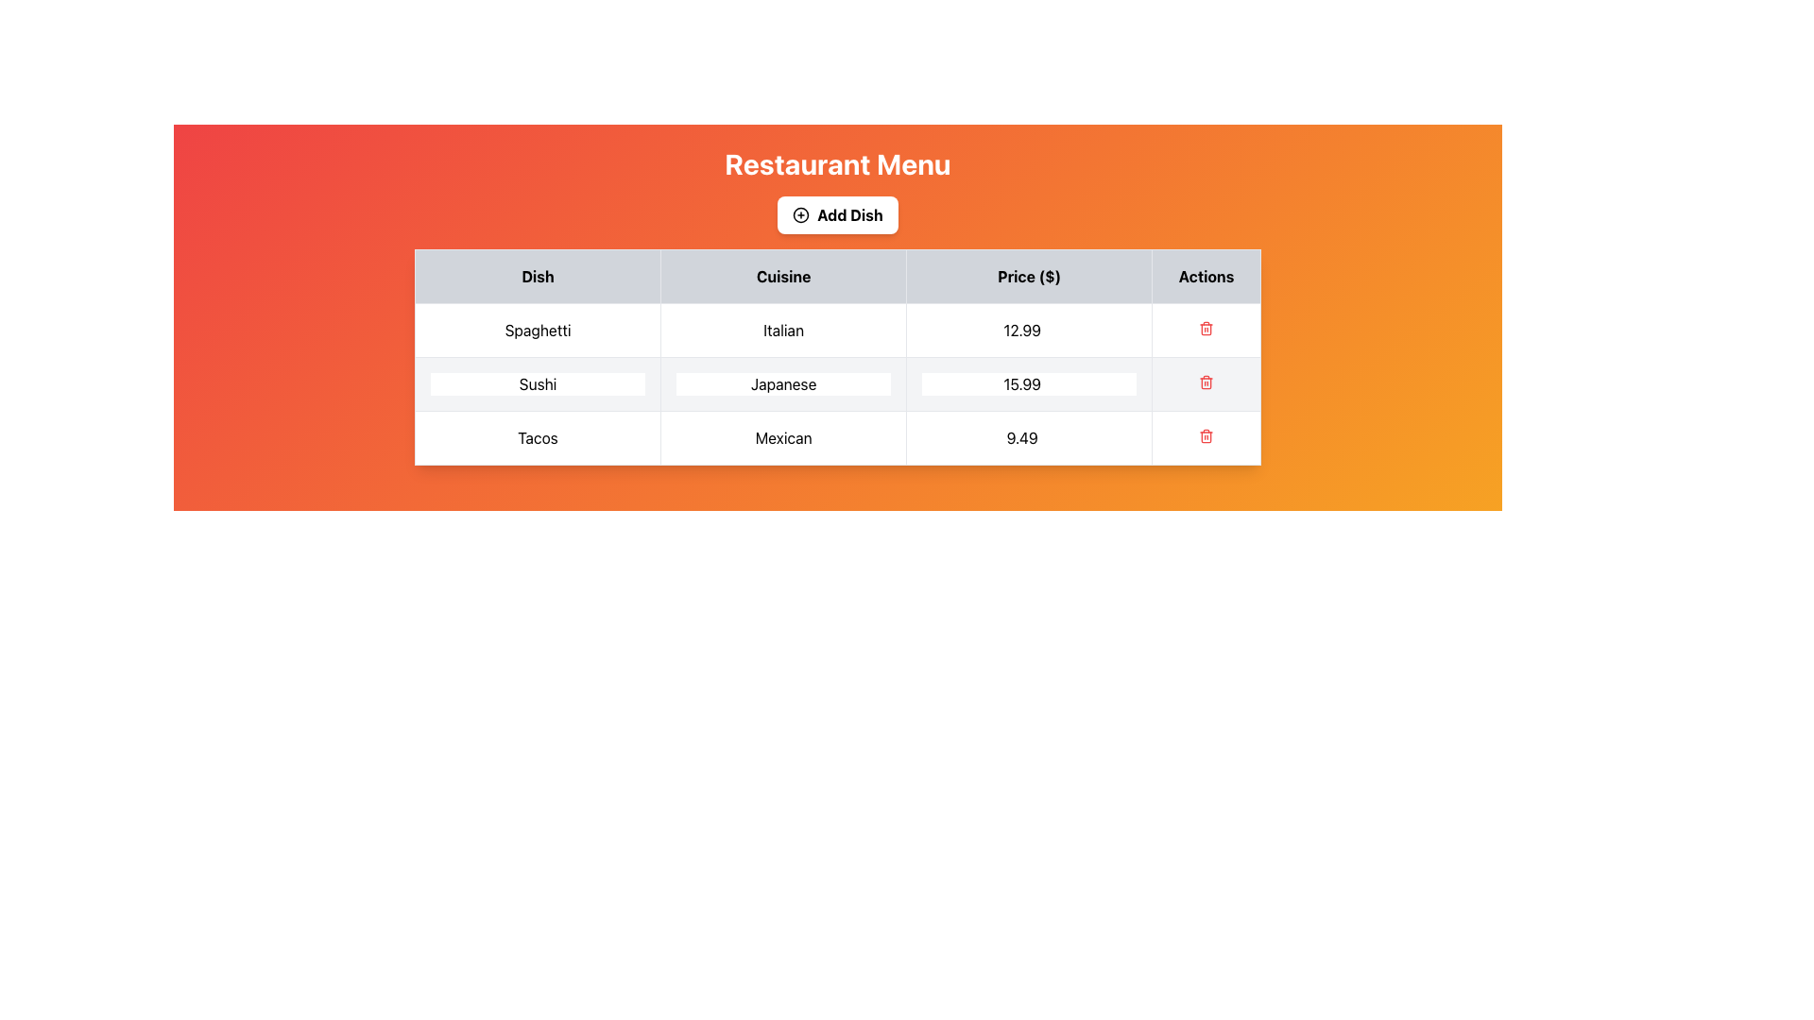  Describe the element at coordinates (783, 383) in the screenshot. I see `the text input field displaying 'Japanese' in the 'Cuisine' column of the table, specifically in the second row corresponding to the 'Sushi' dish entry to potentially view tooltips` at that location.